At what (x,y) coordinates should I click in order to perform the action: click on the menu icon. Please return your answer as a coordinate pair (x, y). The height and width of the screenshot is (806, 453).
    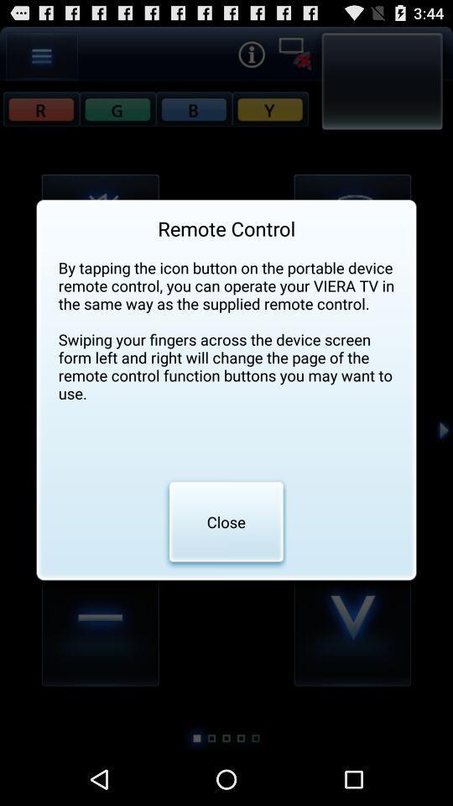
    Looking at the image, I should click on (42, 60).